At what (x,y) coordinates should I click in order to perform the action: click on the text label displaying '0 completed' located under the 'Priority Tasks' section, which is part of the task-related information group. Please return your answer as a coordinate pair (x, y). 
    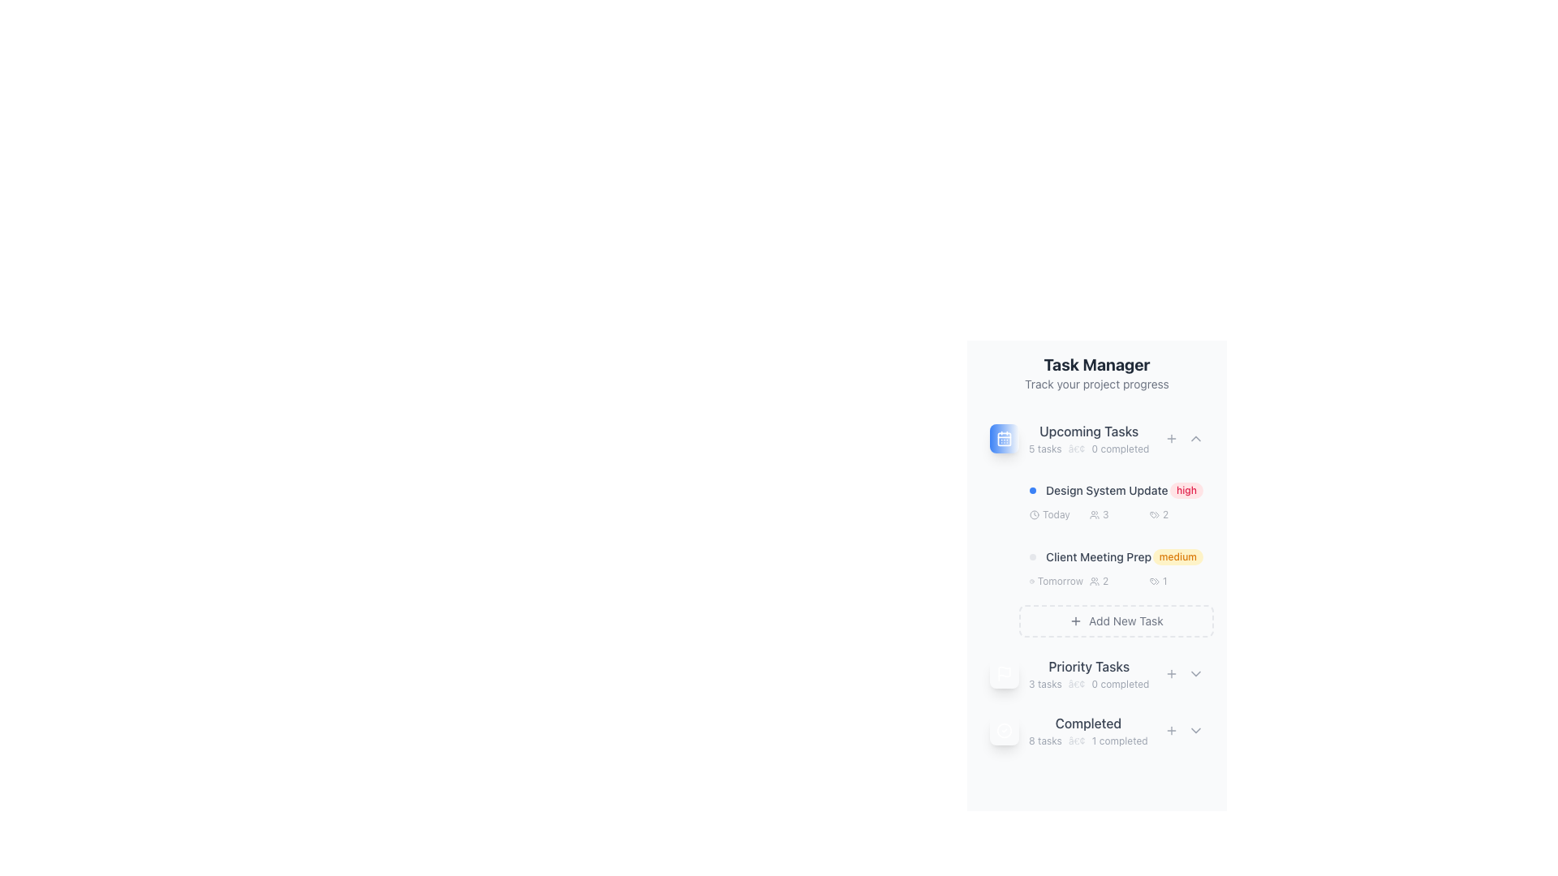
    Looking at the image, I should click on (1120, 685).